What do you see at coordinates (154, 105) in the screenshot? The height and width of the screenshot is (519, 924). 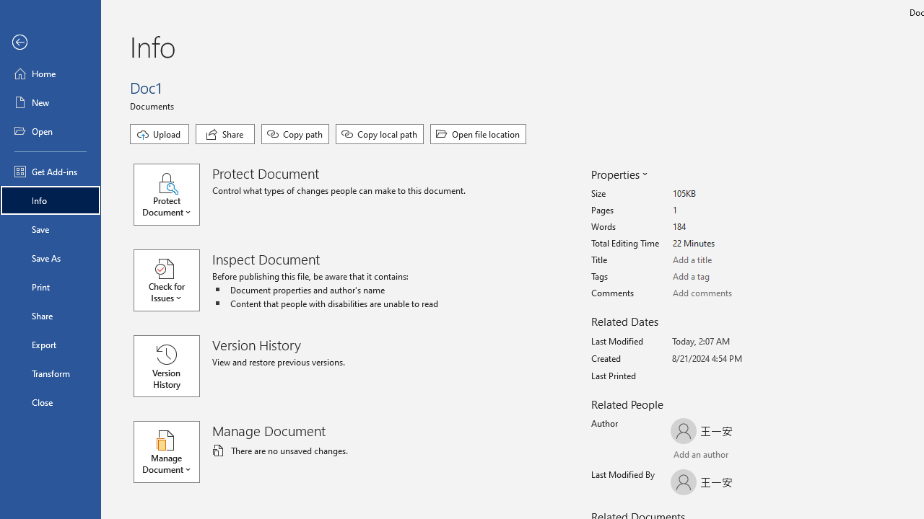 I see `'Documents'` at bounding box center [154, 105].